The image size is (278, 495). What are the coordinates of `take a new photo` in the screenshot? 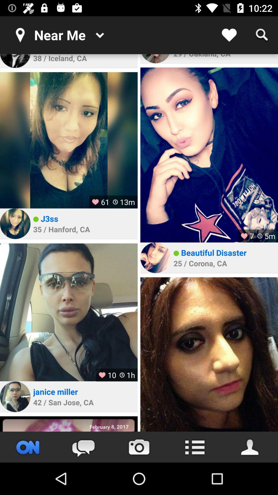 It's located at (139, 447).